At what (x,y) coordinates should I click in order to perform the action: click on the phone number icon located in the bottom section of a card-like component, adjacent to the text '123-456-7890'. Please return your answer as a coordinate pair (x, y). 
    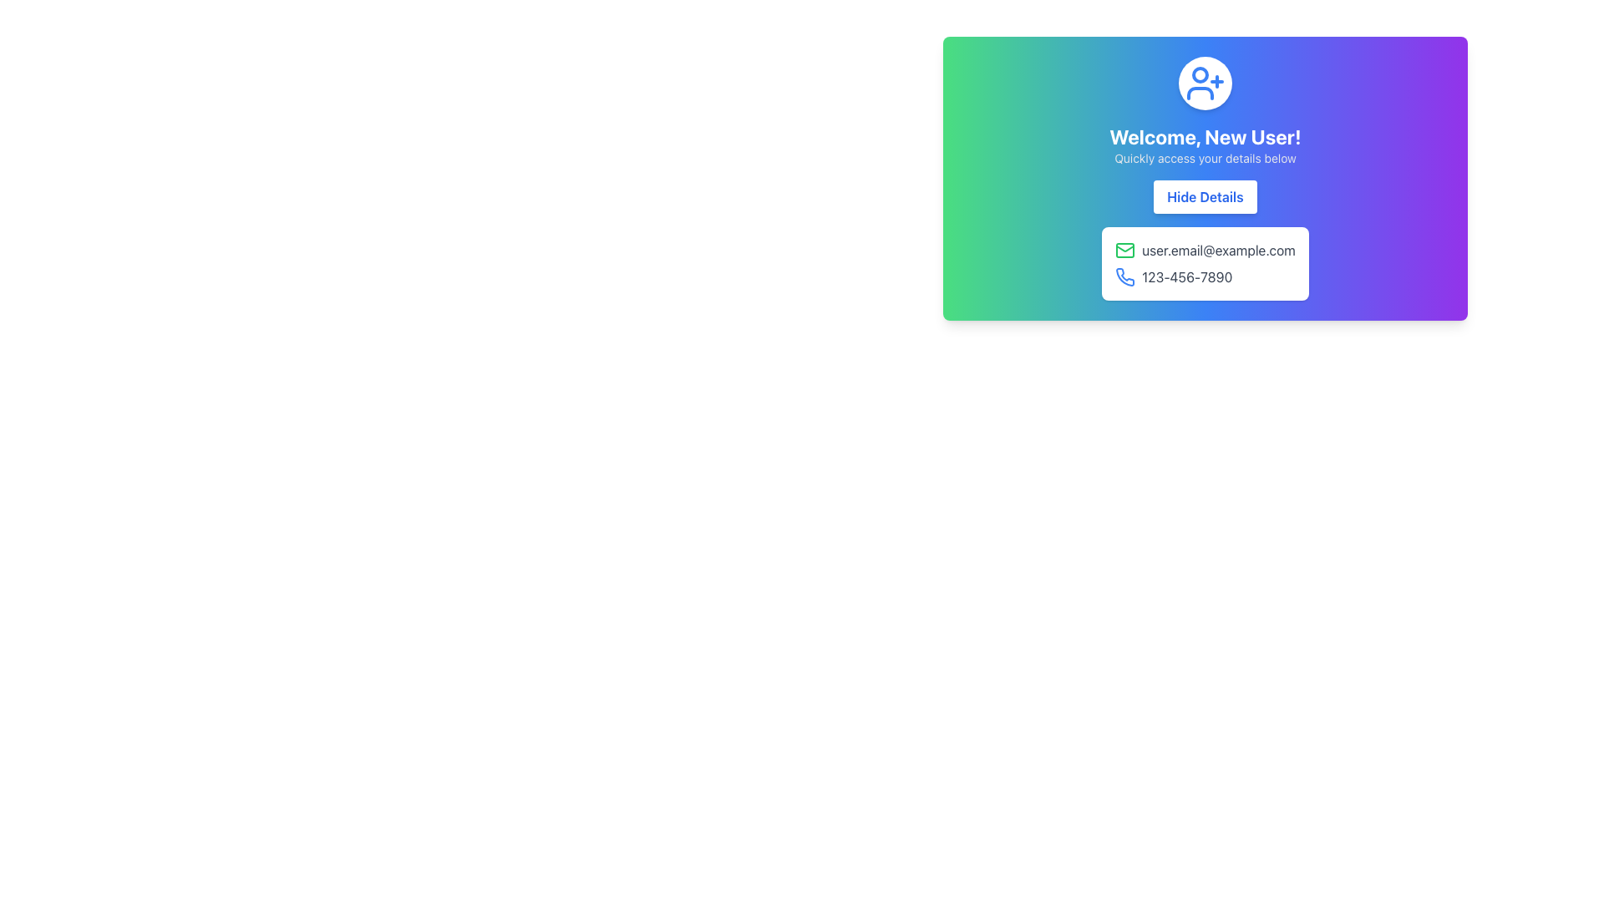
    Looking at the image, I should click on (1125, 276).